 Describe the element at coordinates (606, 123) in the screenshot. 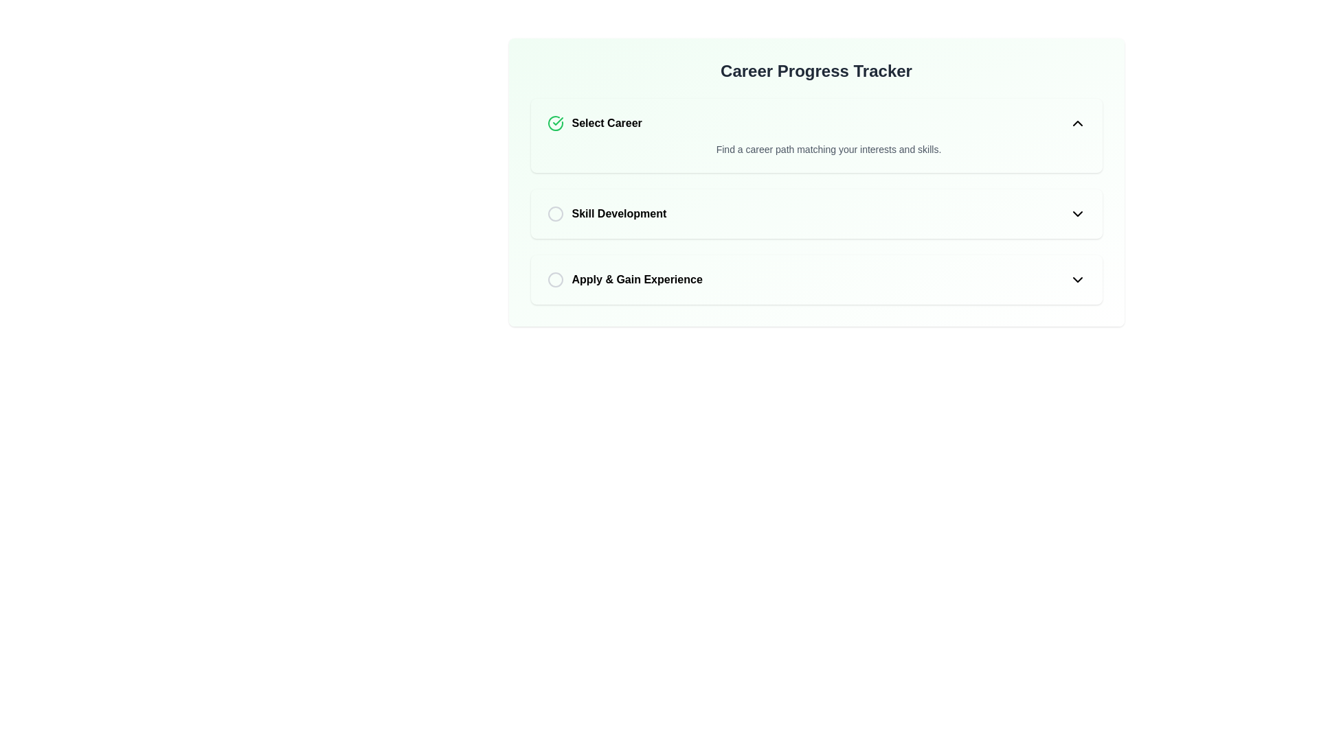

I see `label 'Select Career' which is a bold text component indicating the career selection process, positioned to the right of a completed selection icon` at that location.